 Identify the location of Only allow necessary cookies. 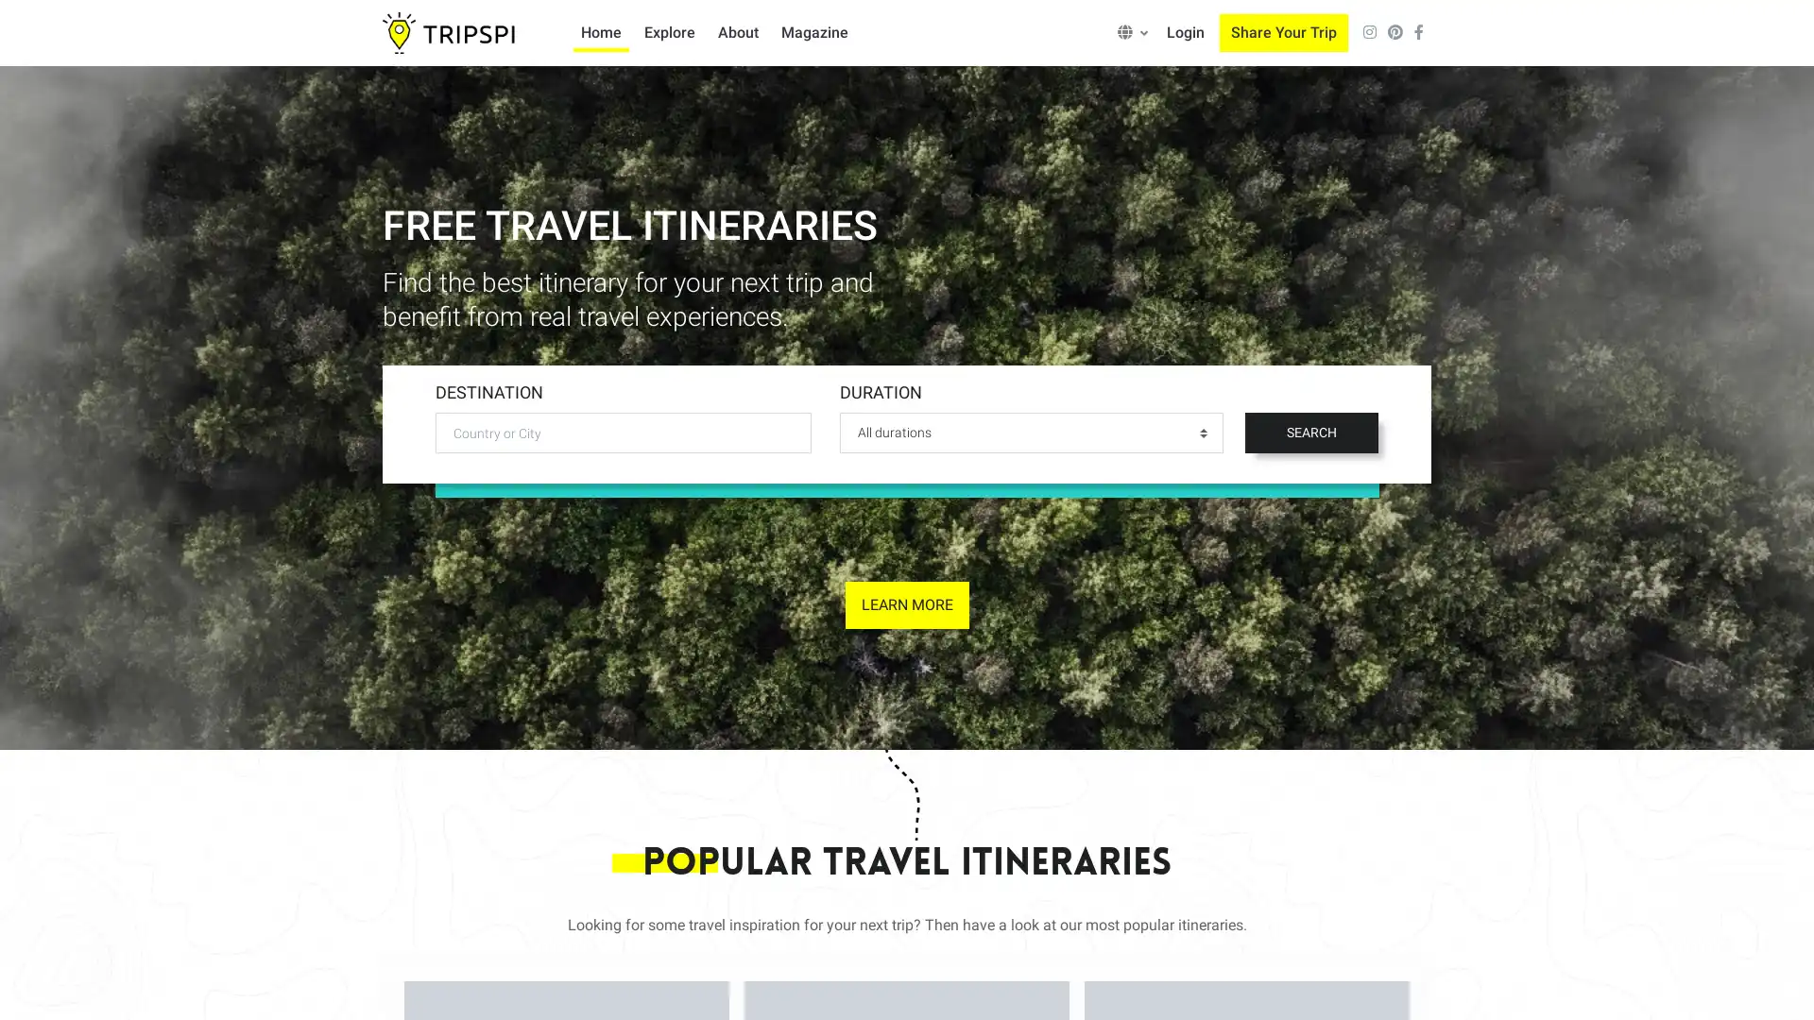
(636, 931).